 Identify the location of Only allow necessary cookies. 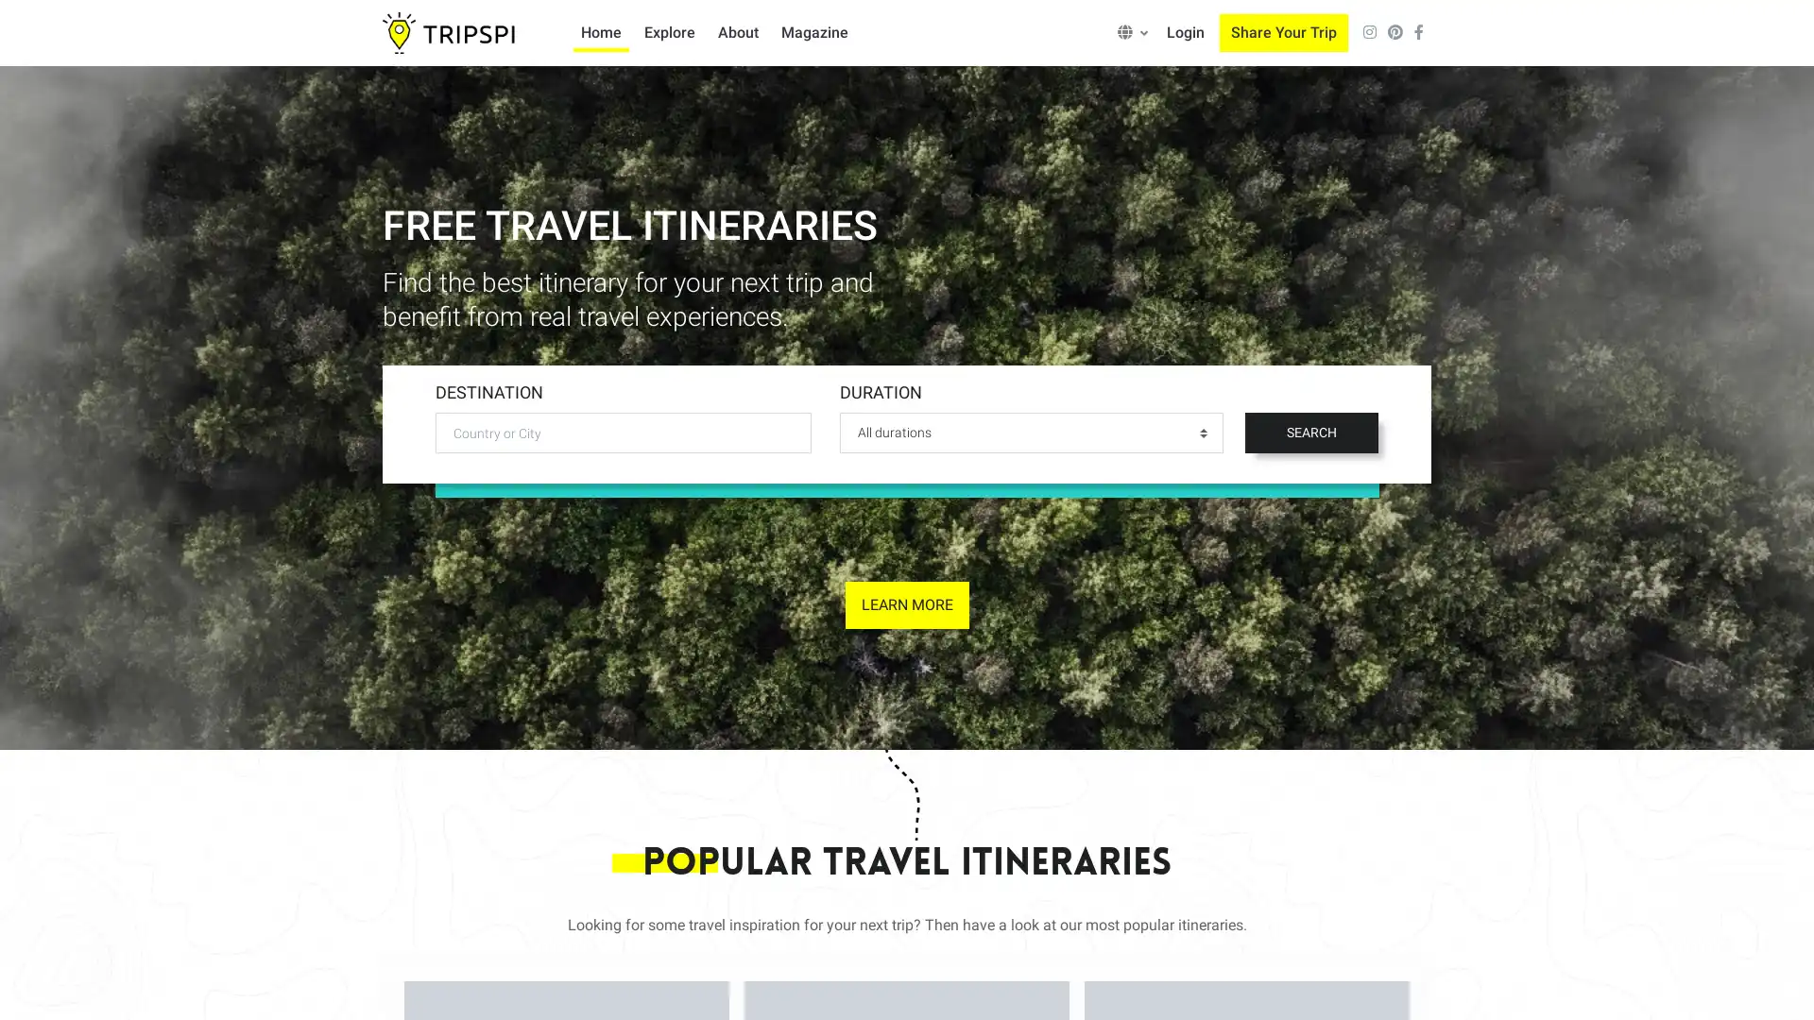
(636, 931).